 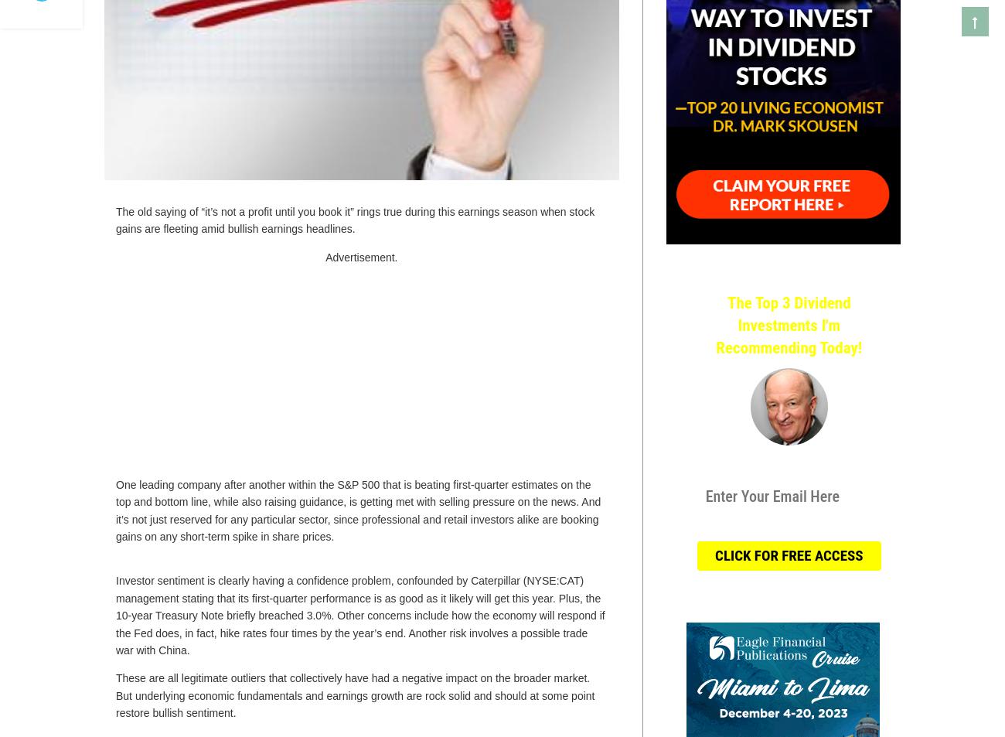 What do you see at coordinates (357, 510) in the screenshot?
I see `'One leading company after another within the S&P 500 that is beating first-quarter estimates on the top and bottom line, while also raising guidance, is getting met with selling pressure on the news. And it’s not just reserved for any particular sector, since professional and retail investors alike are booking gains on any short-term spike in share prices.'` at bounding box center [357, 510].